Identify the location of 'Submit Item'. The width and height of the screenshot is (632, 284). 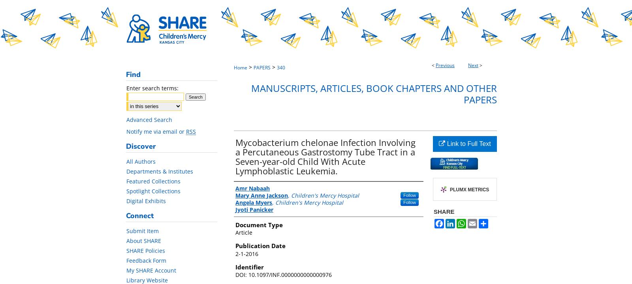
(142, 231).